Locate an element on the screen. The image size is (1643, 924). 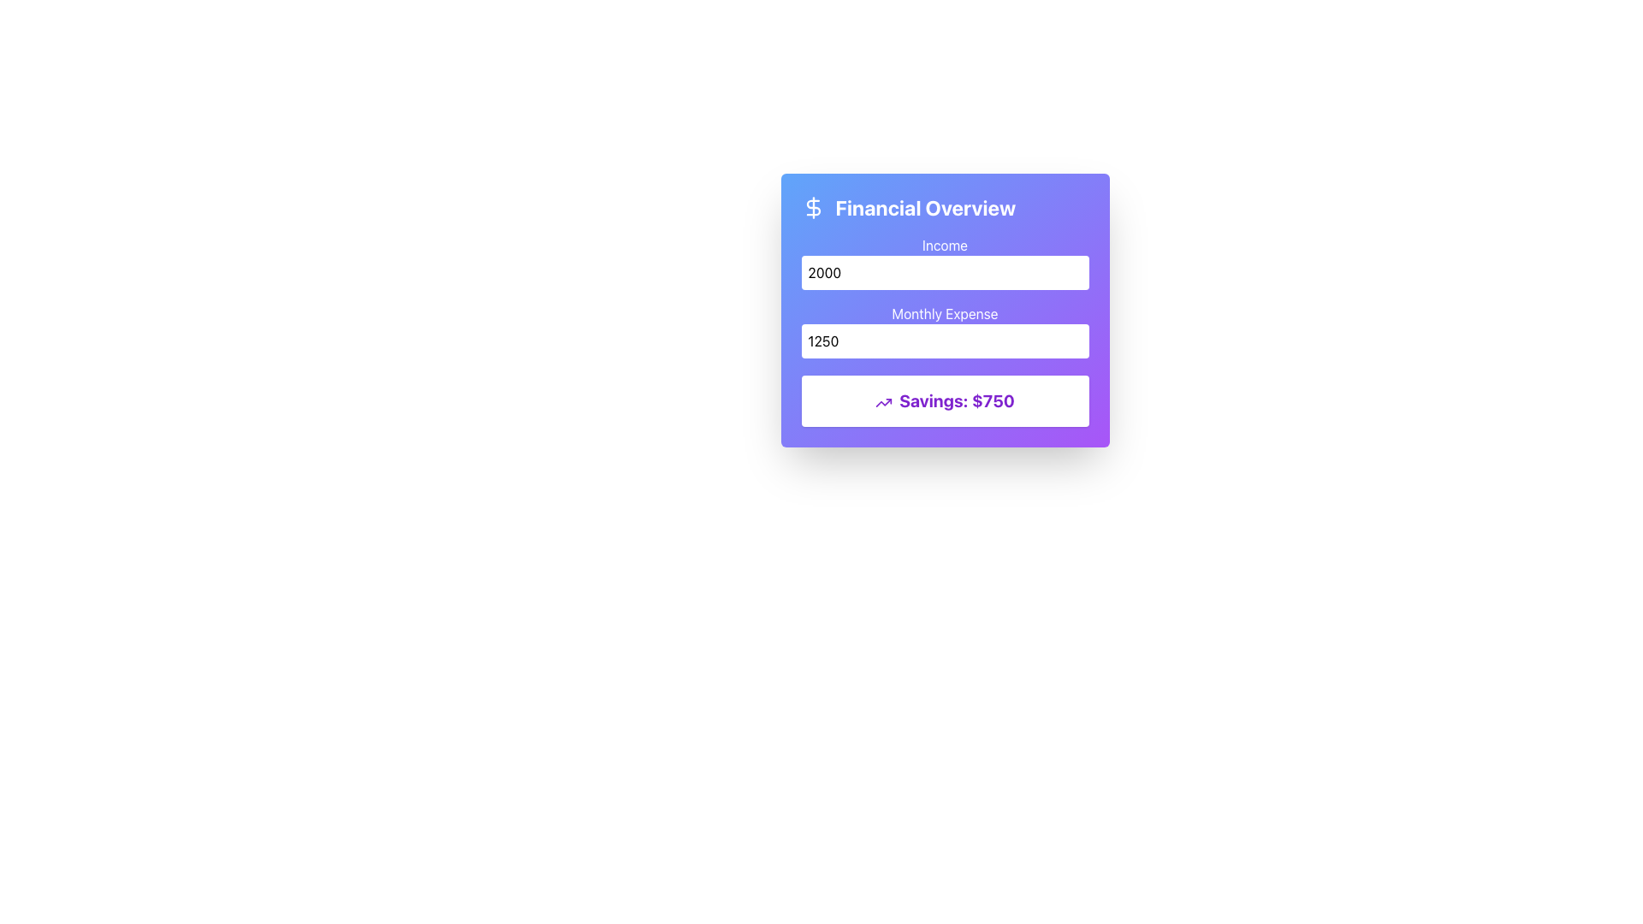
the static text label that displays the user's savings, located below the 'Income' and 'Monthly Expense' fields in the financial overview card is located at coordinates (944, 401).